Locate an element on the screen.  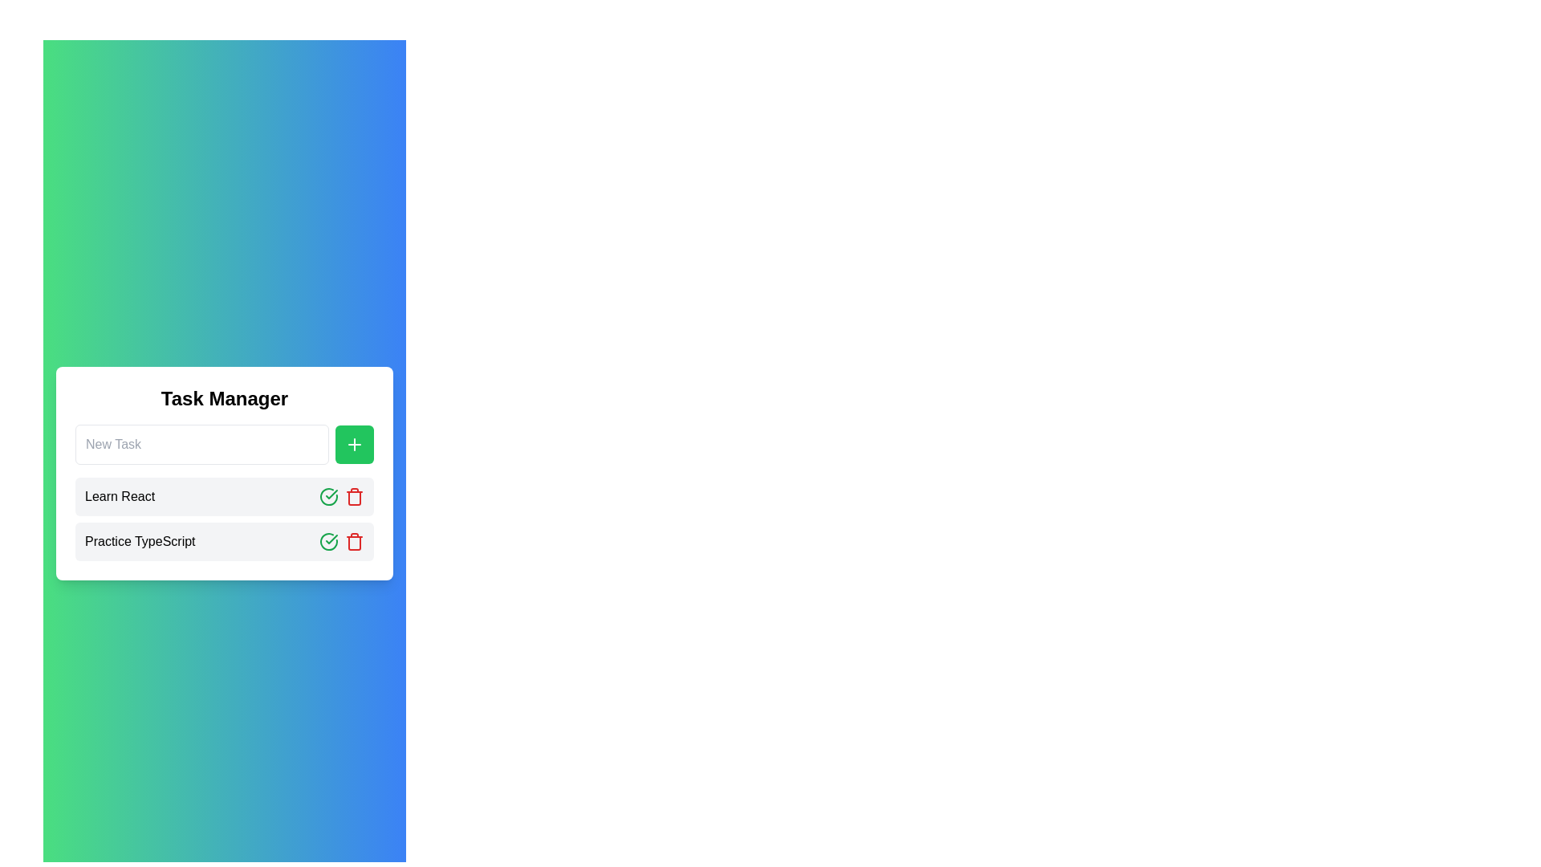
the green circular checkmark icon located in the bottom right corner of the 'Practice TypeScript' task row is located at coordinates (327, 495).